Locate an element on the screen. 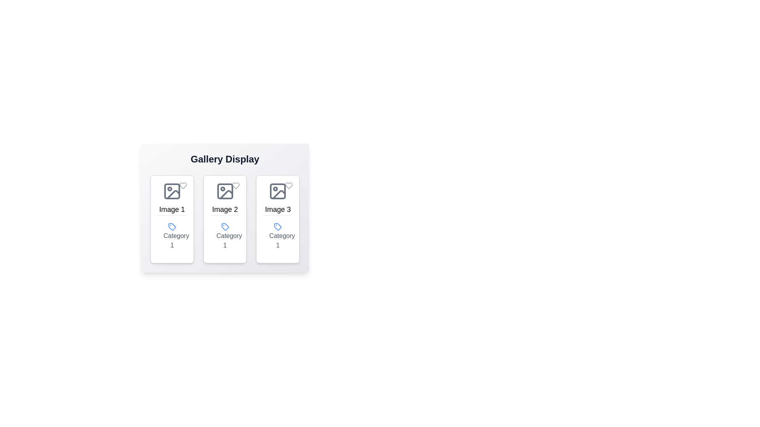 The width and height of the screenshot is (760, 427). the text label 'Category 1' styled in gray, located below the blue tag icon in the first card of a set of three cards is located at coordinates (176, 240).